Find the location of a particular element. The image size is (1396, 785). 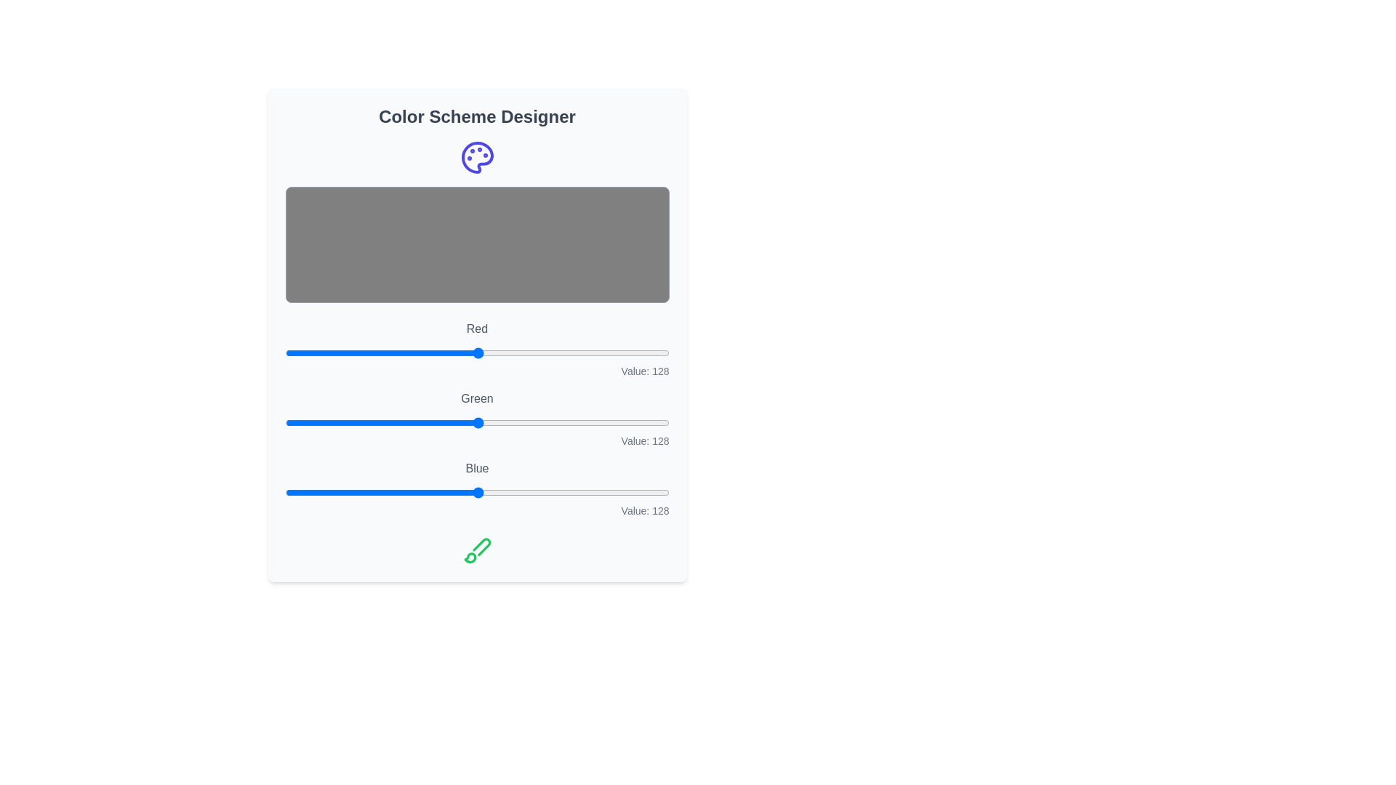

the green color value is located at coordinates (664, 423).